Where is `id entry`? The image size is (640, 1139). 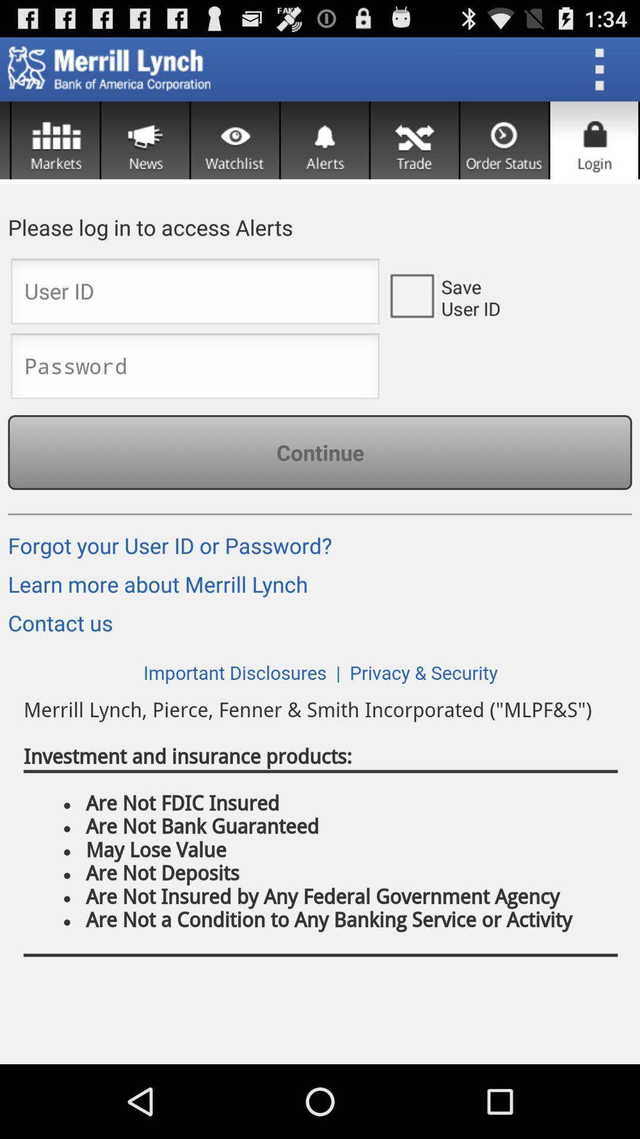 id entry is located at coordinates (194, 295).